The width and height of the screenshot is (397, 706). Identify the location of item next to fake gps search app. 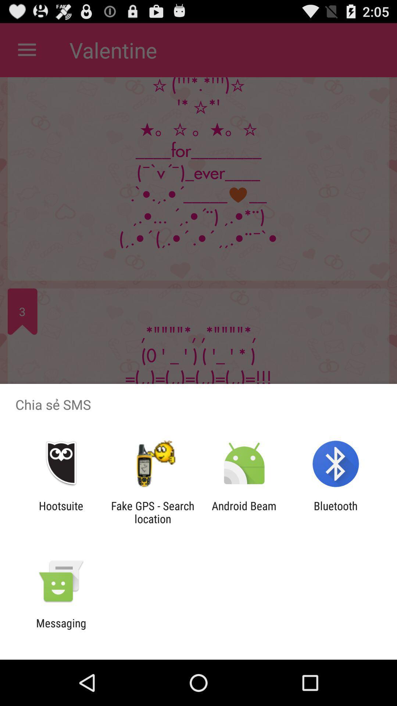
(61, 512).